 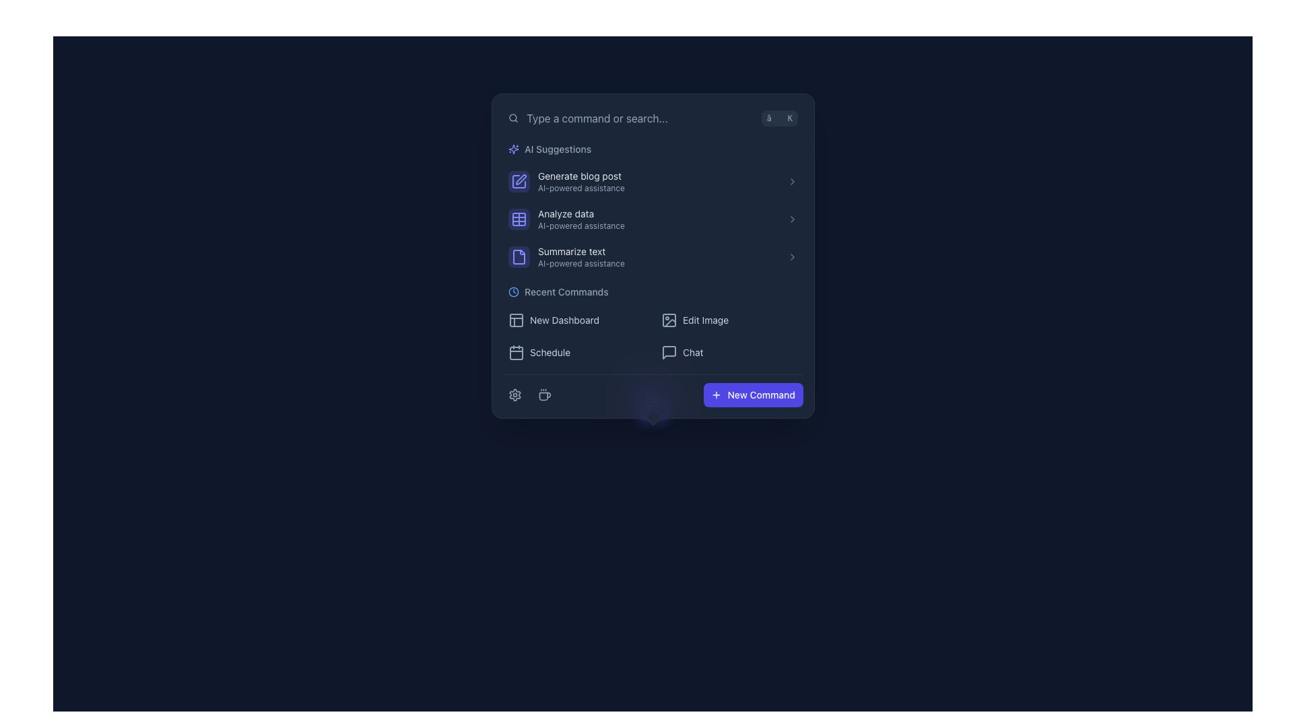 What do you see at coordinates (658, 188) in the screenshot?
I see `the text label displaying 'AI-powered assistance' located below 'Generate blog post' in the AI Suggestions list` at bounding box center [658, 188].